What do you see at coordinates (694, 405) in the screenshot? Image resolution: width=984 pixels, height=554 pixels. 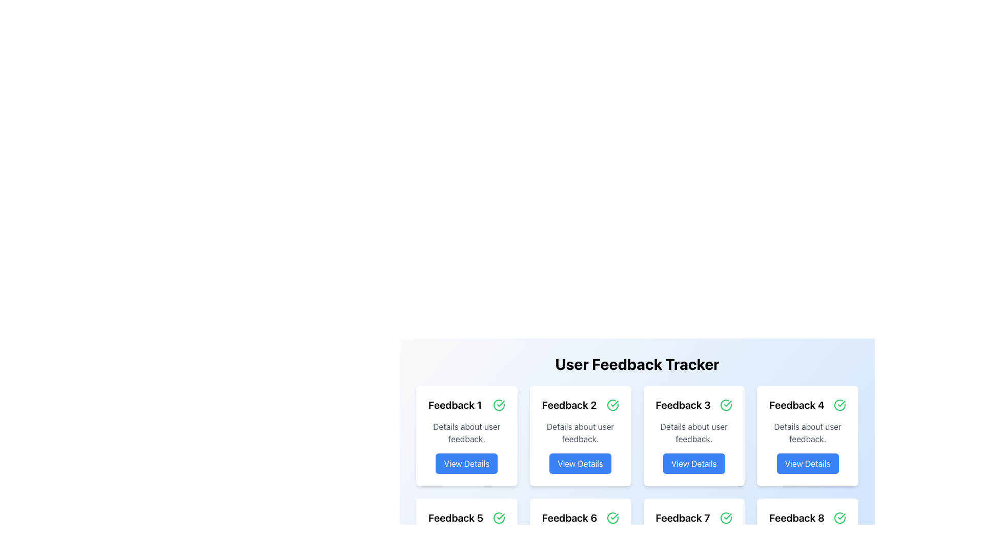 I see `the title label with accompanying icon that indicates specific feedback (e.g., feedback number 3) located at the top of the third card in the first row of the main layout grid` at bounding box center [694, 405].